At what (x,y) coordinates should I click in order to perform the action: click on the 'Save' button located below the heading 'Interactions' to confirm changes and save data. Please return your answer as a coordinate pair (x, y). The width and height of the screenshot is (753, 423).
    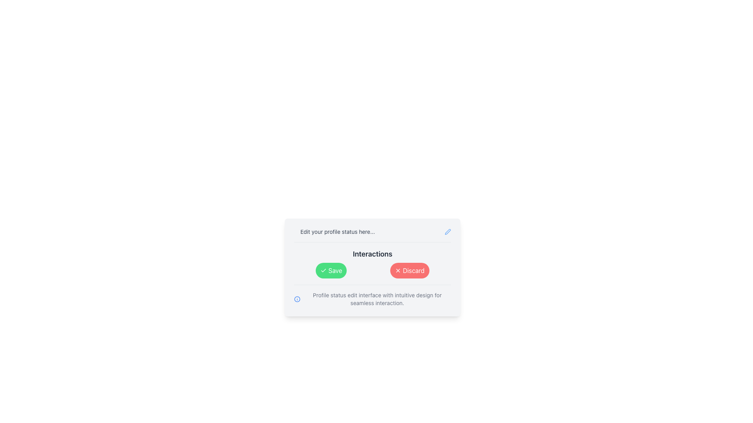
    Looking at the image, I should click on (331, 270).